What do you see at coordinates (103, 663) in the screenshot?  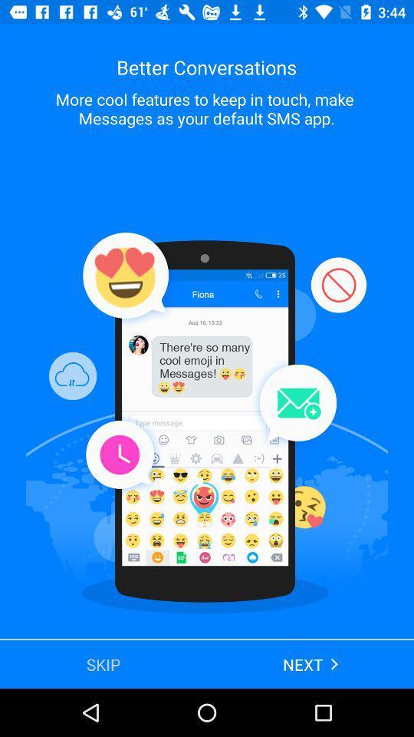 I see `the icon next to the next` at bounding box center [103, 663].